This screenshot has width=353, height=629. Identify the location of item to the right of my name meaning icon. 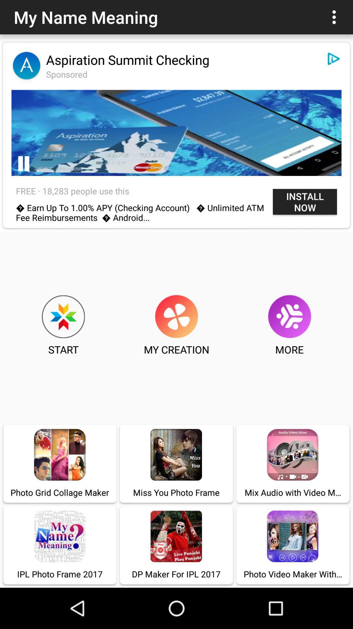
(336, 17).